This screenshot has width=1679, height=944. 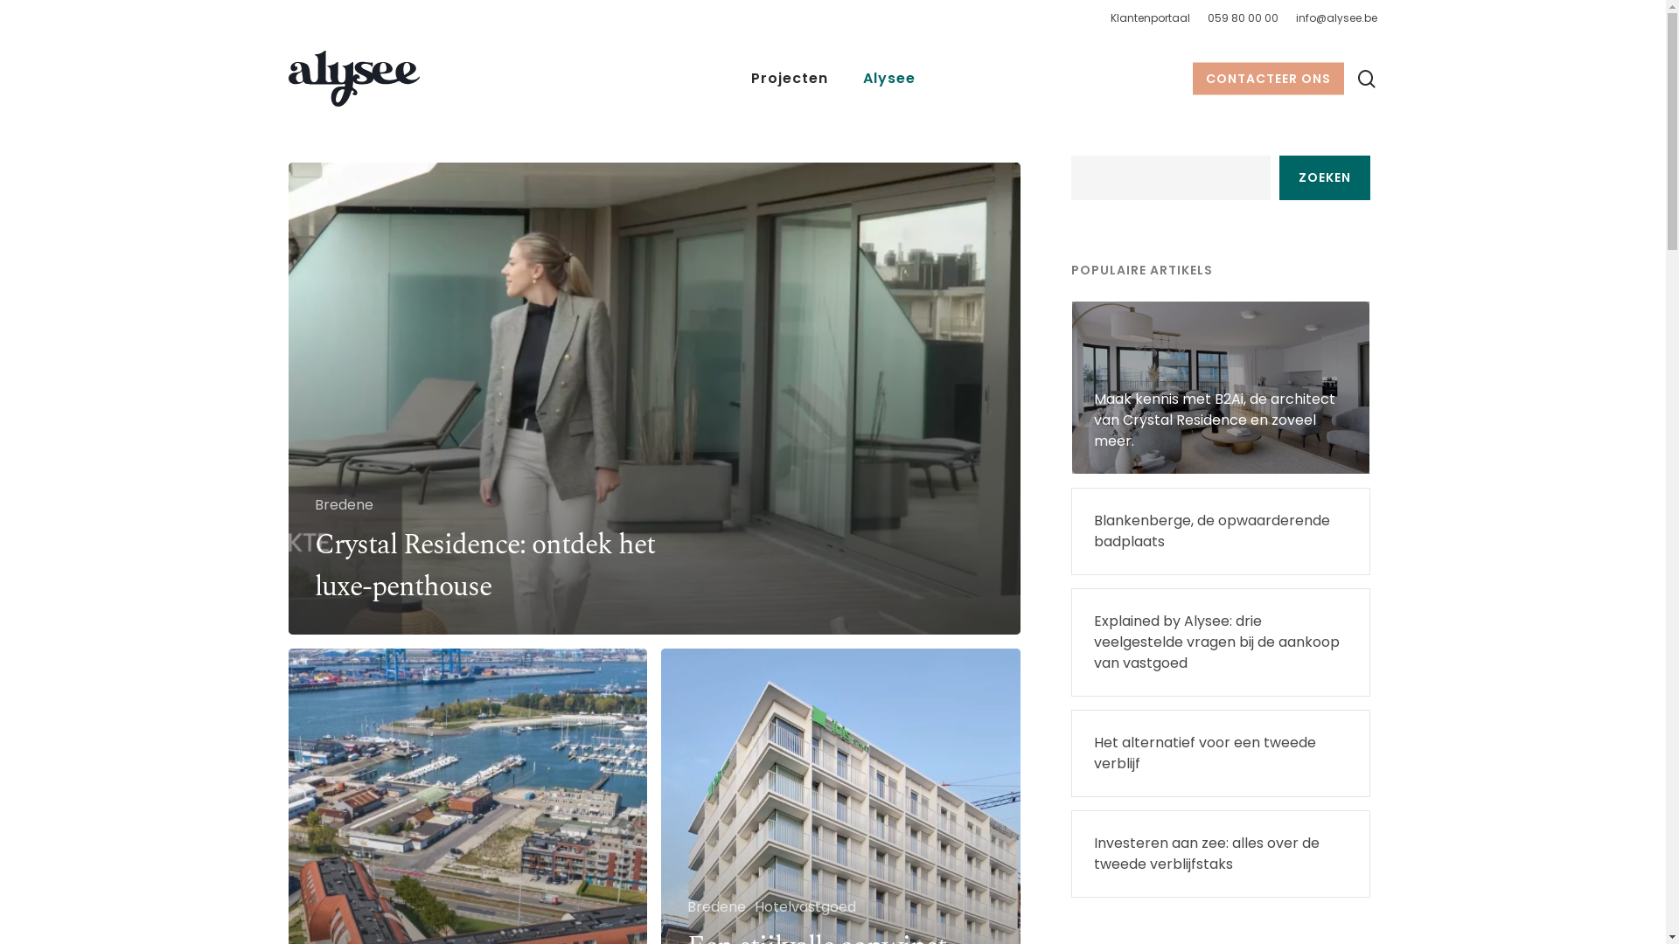 I want to click on 'Bredene', so click(x=716, y=906).